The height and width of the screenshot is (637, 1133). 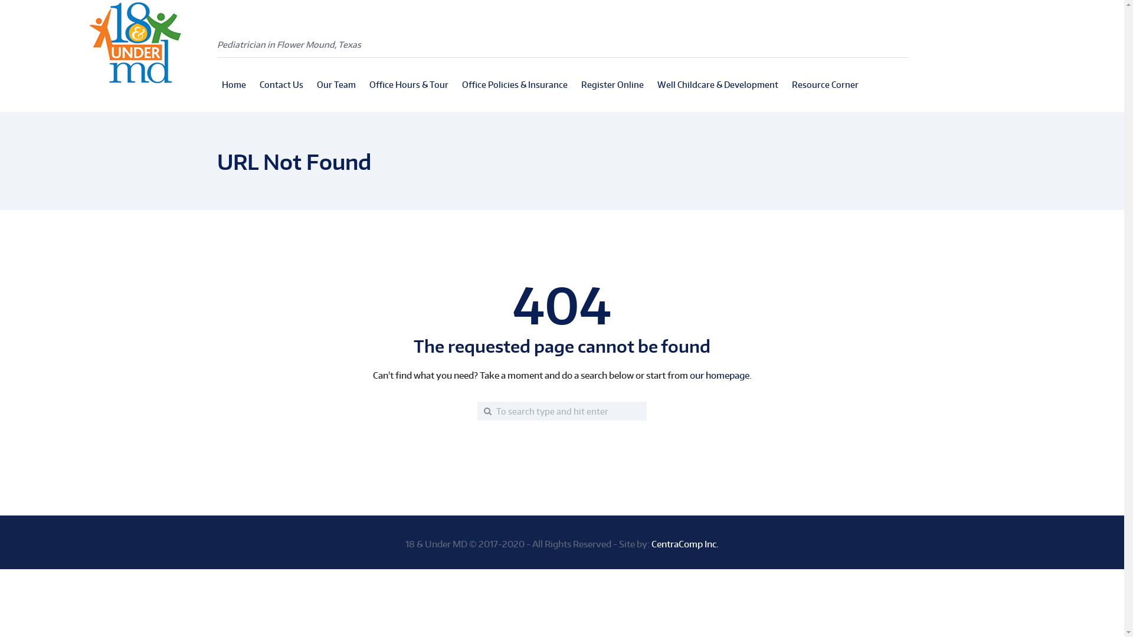 What do you see at coordinates (335, 84) in the screenshot?
I see `'Our Team'` at bounding box center [335, 84].